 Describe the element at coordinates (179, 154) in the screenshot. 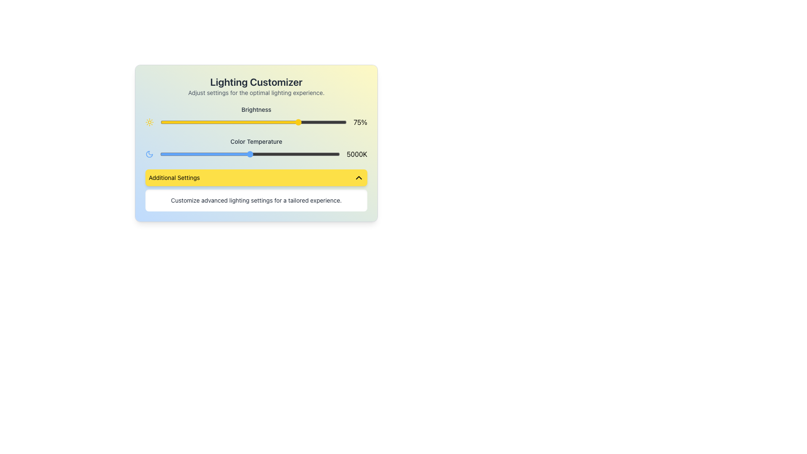

I see `the color temperature` at that location.